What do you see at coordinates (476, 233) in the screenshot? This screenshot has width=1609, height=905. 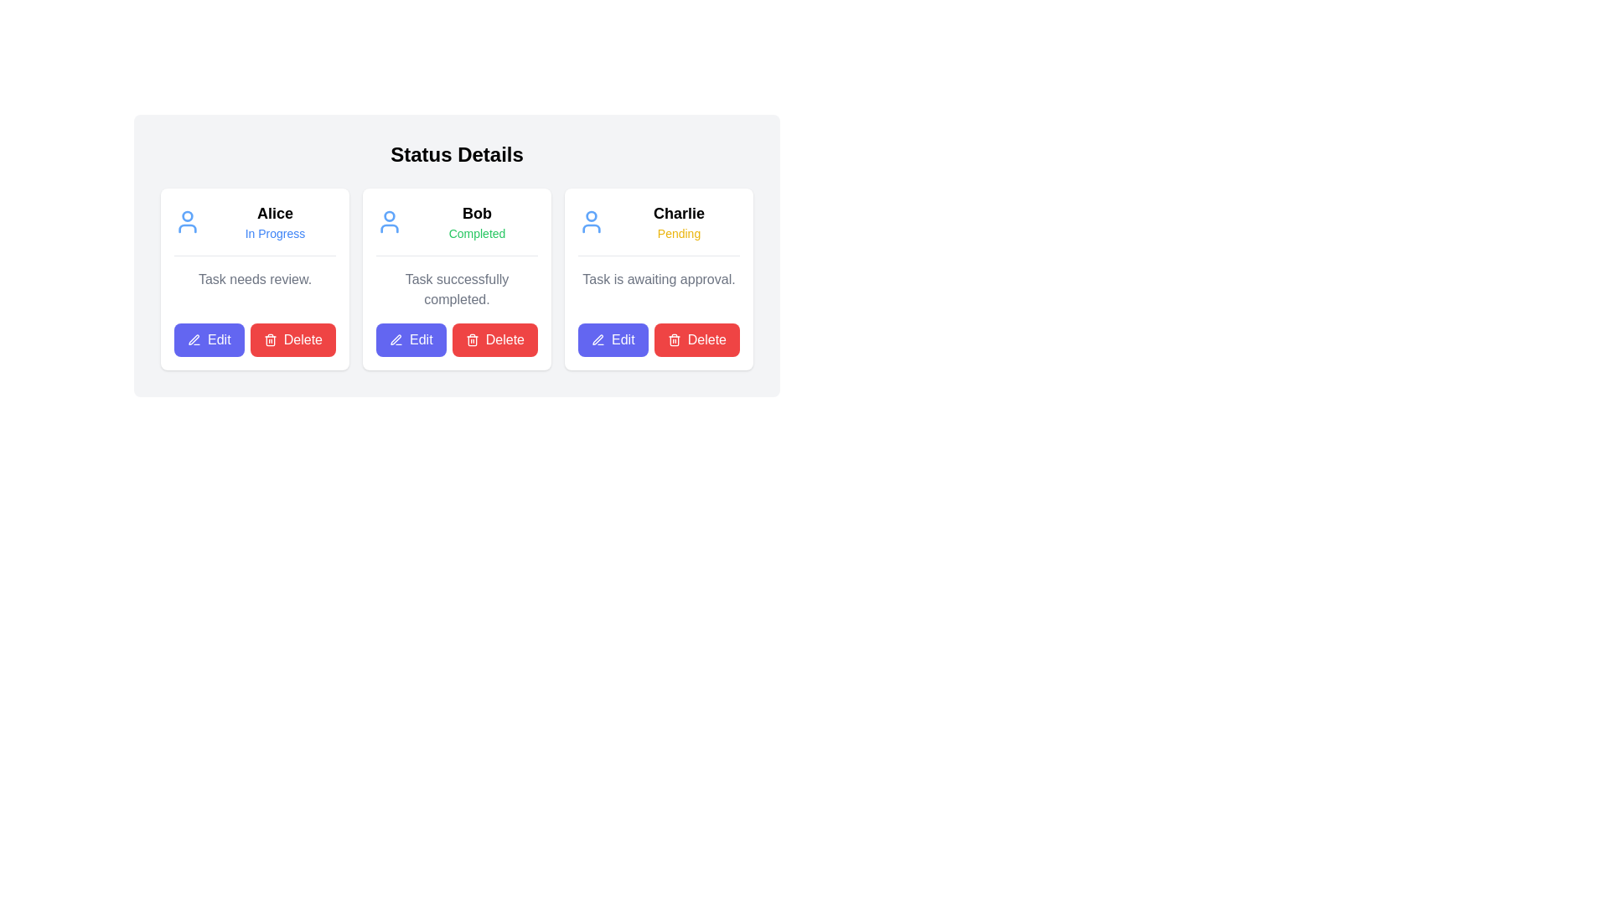 I see `the status indicator Text label that shows the completion of the task associated with 'Bob', located in the middle card of three horizontally placed cards under the header 'Status Details'` at bounding box center [476, 233].